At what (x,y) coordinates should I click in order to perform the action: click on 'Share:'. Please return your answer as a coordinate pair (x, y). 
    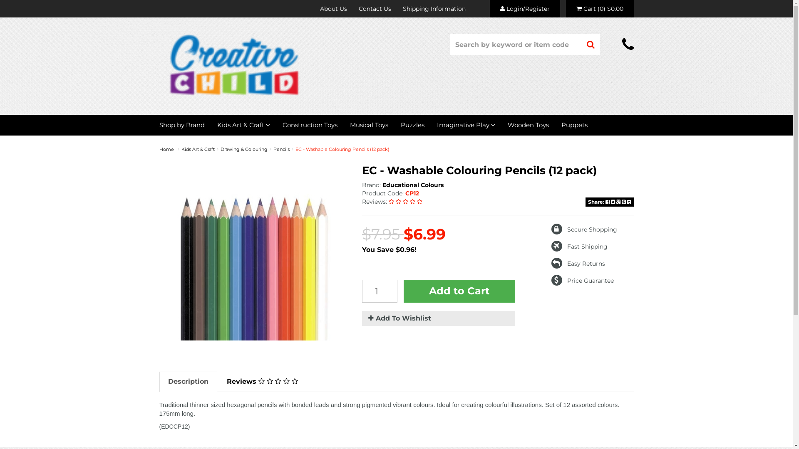
    Looking at the image, I should click on (609, 202).